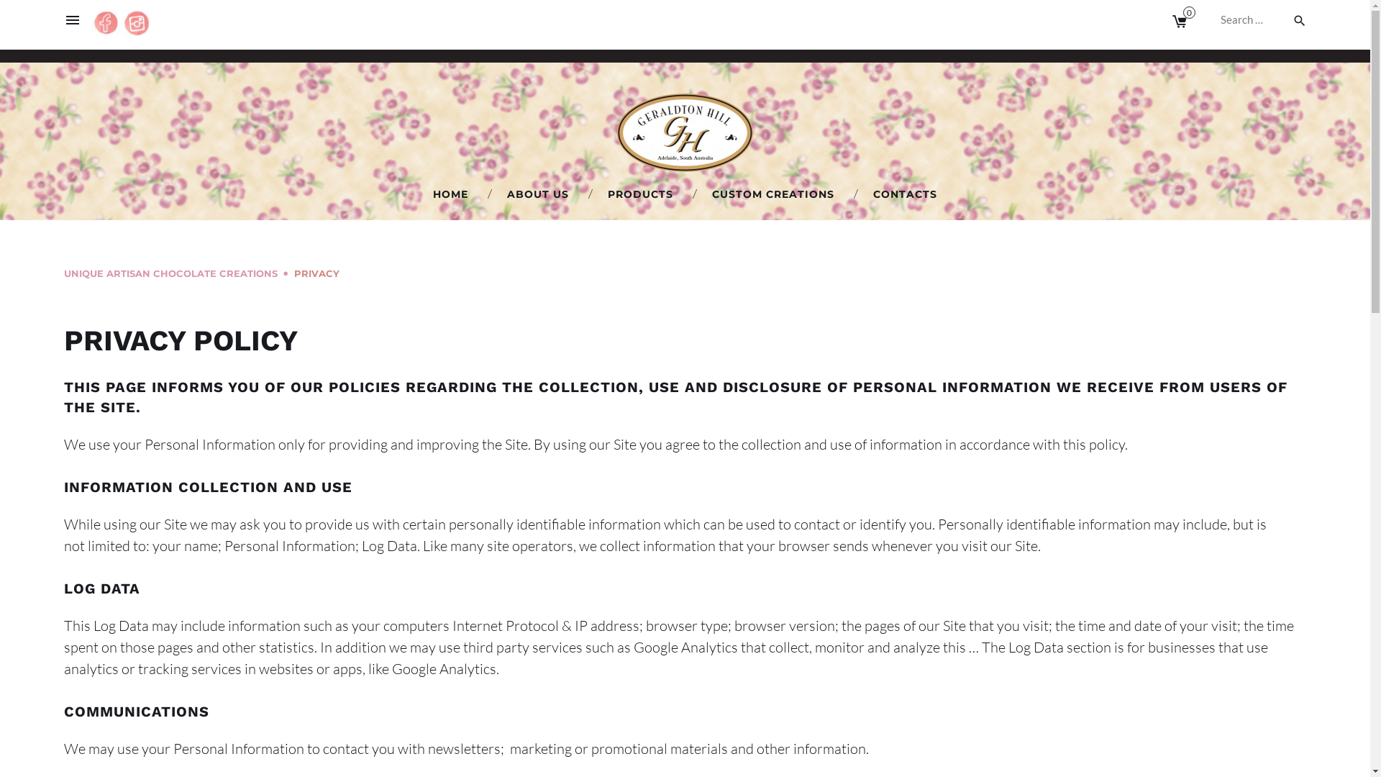  Describe the element at coordinates (1218, 19) in the screenshot. I see `'Search for:'` at that location.